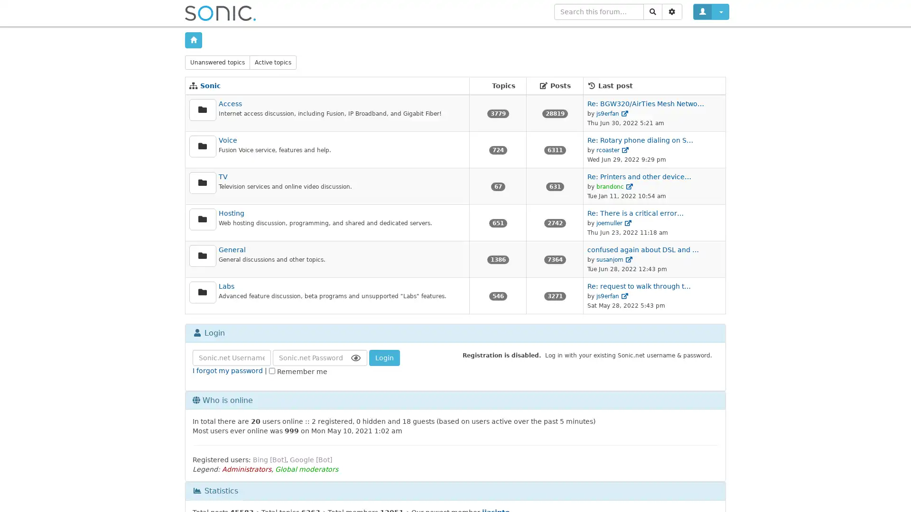 The width and height of the screenshot is (911, 512). Describe the element at coordinates (355, 357) in the screenshot. I see `Show Password` at that location.